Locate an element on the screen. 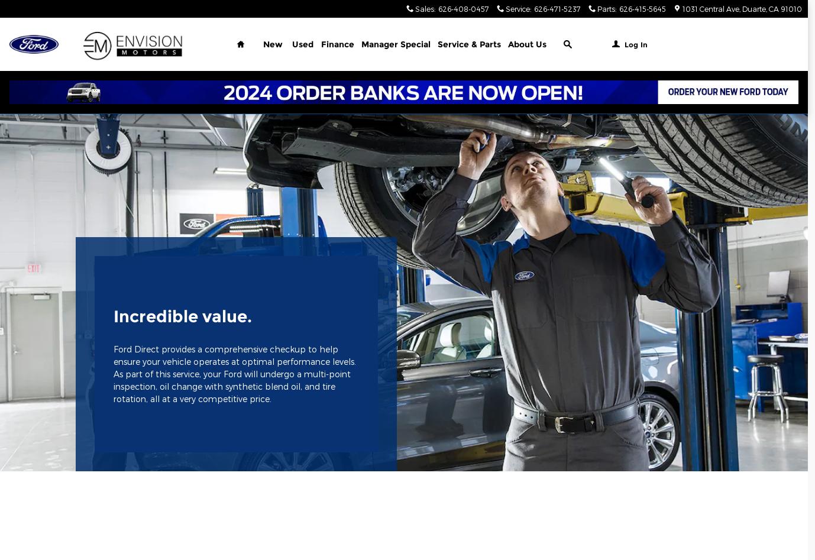 Image resolution: width=815 pixels, height=560 pixels. '626-471-5237' is located at coordinates (557, 8).